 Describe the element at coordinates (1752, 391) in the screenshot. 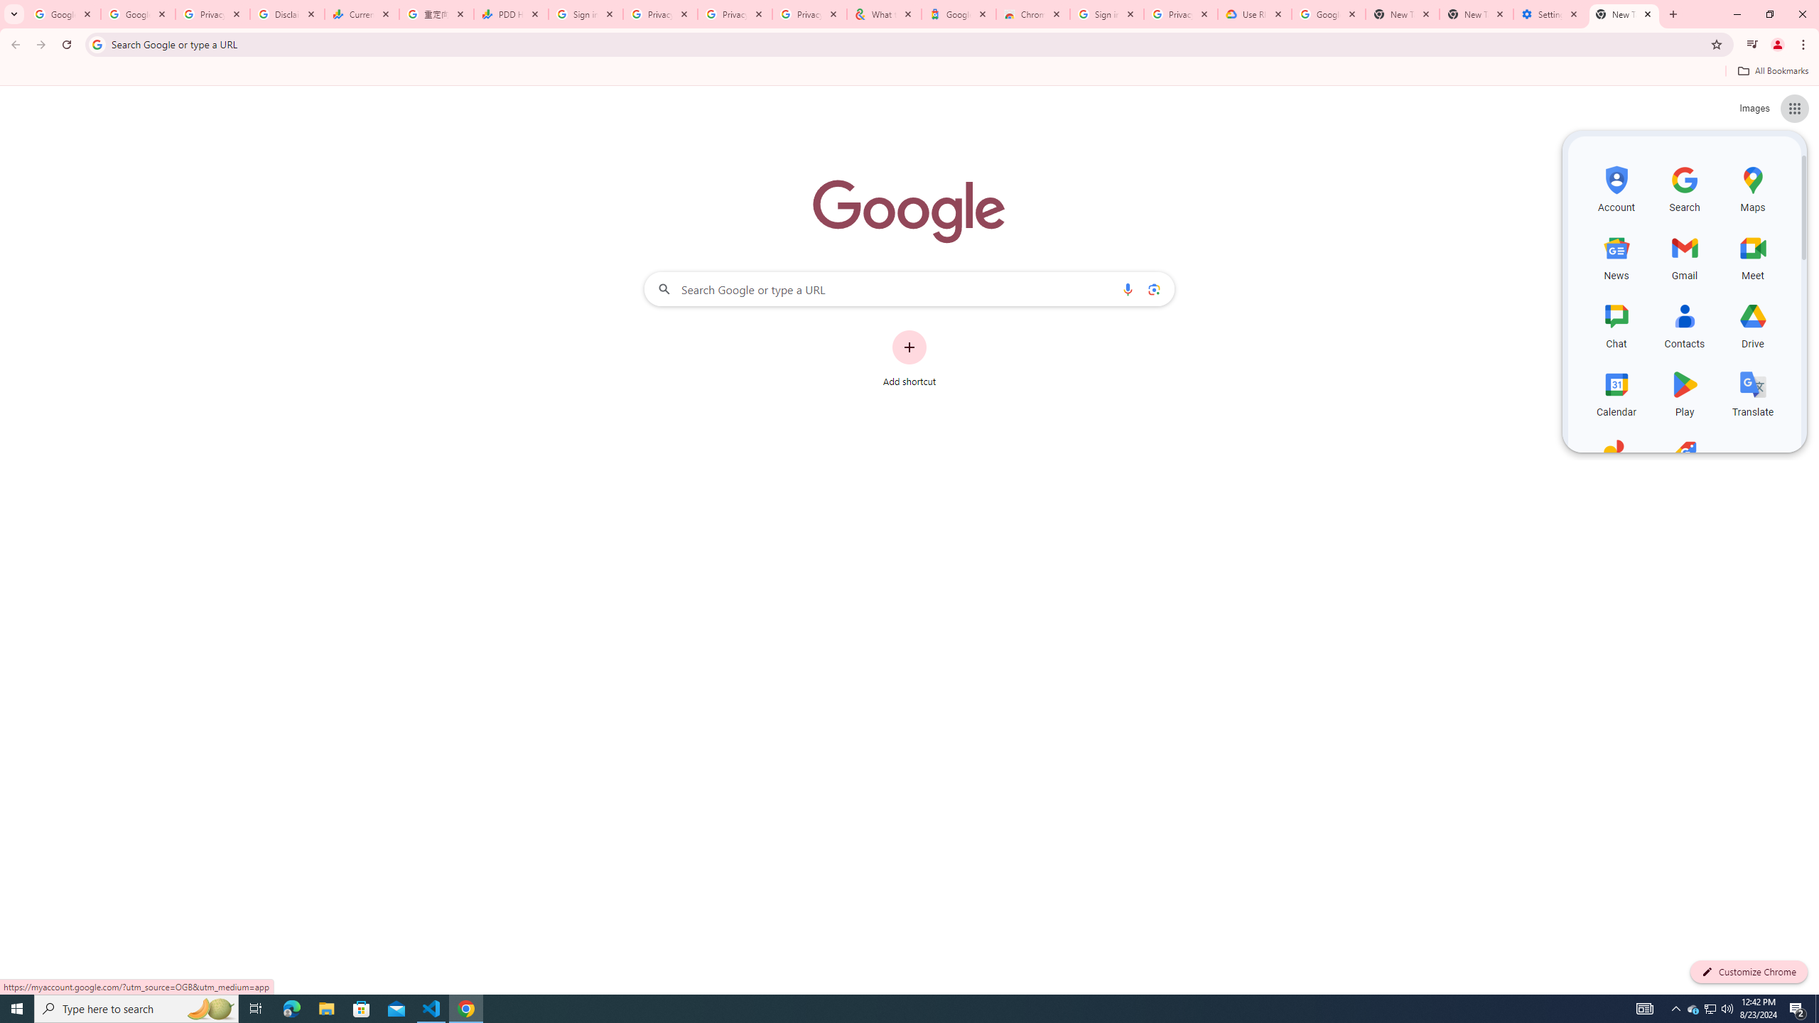

I see `'Translate, row 4 of 5 and column 3 of 3 in the first section'` at that location.